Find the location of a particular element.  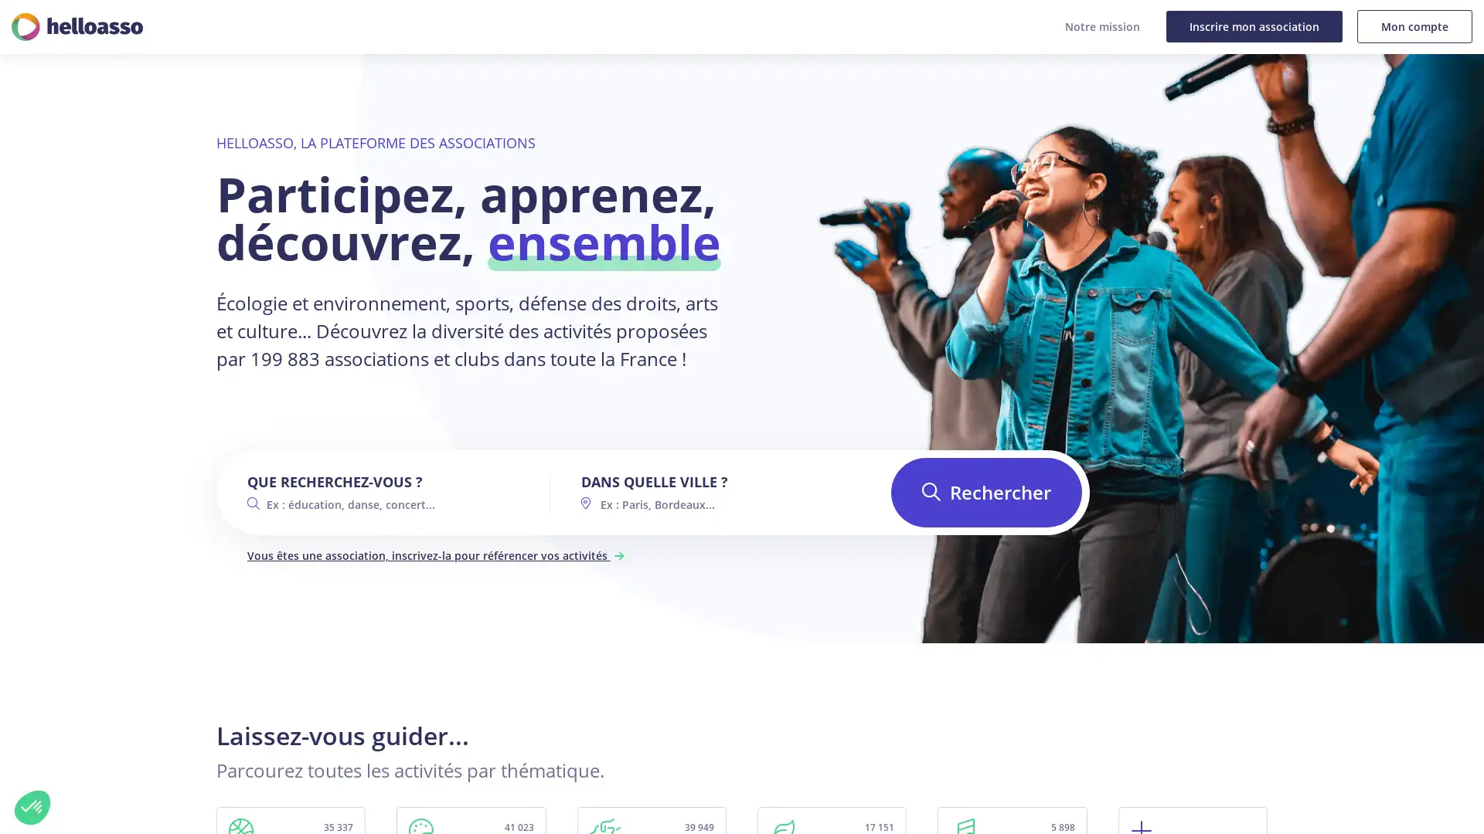

Tout accepter is located at coordinates (285, 755).